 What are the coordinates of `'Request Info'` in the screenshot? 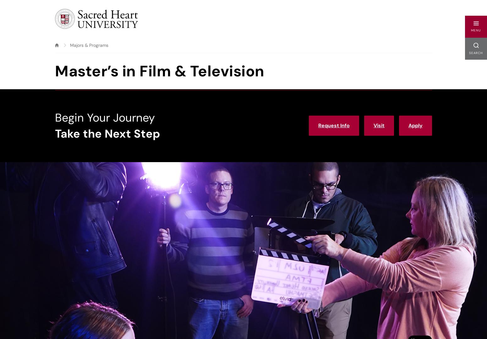 It's located at (334, 125).